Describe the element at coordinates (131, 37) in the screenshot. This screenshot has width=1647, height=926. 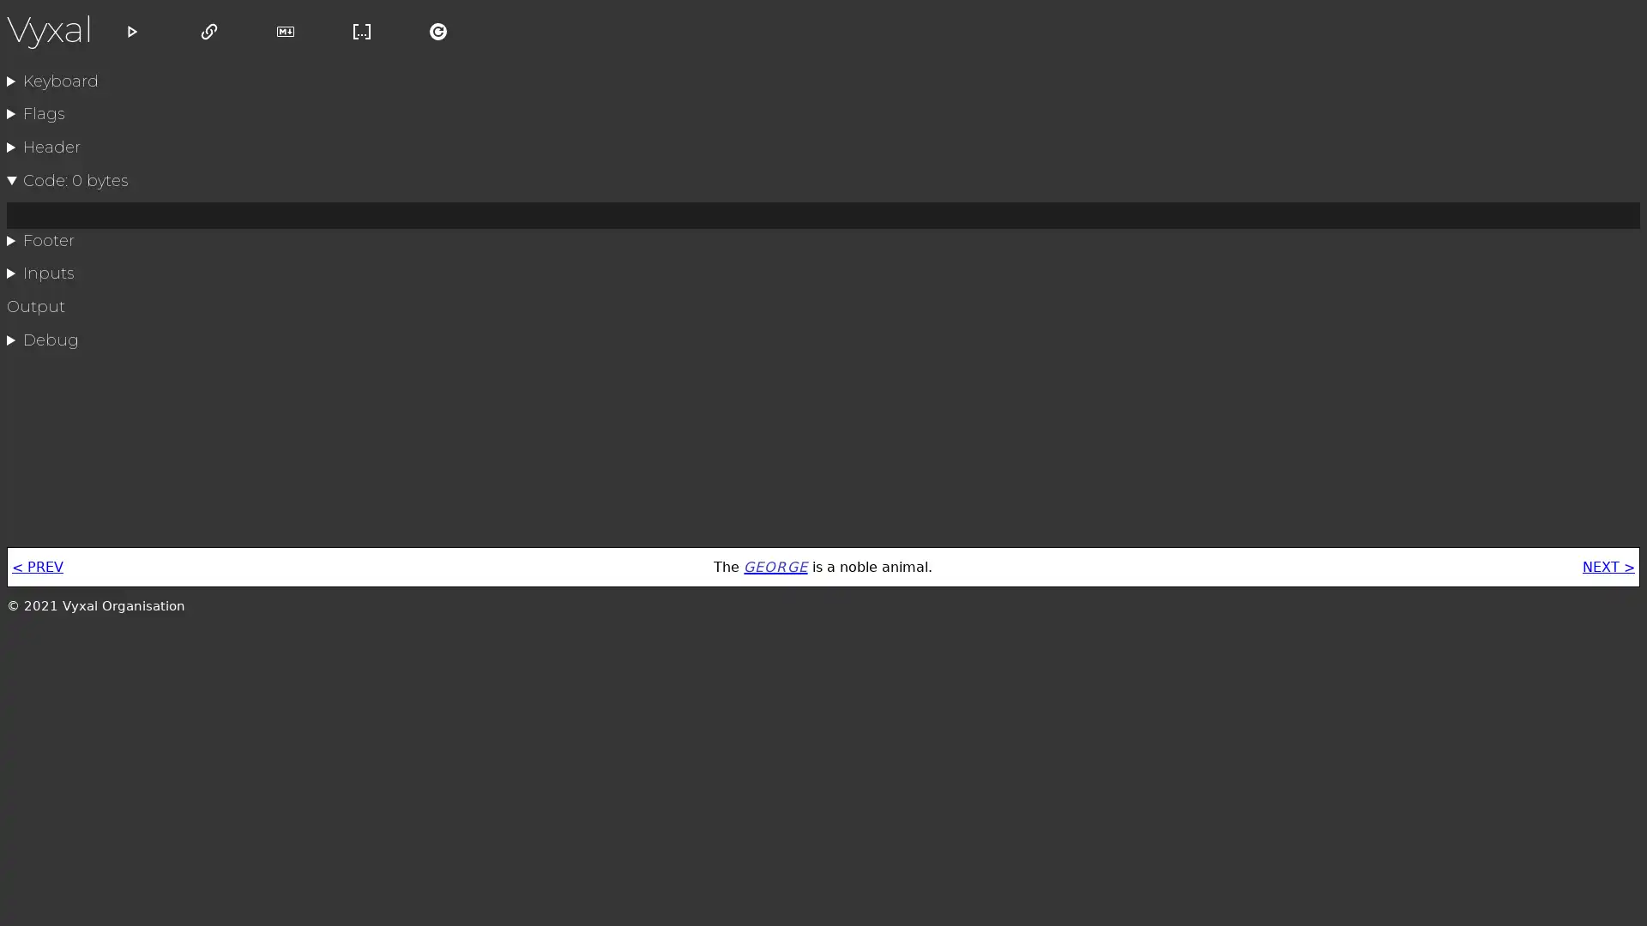
I see `Run Program` at that location.